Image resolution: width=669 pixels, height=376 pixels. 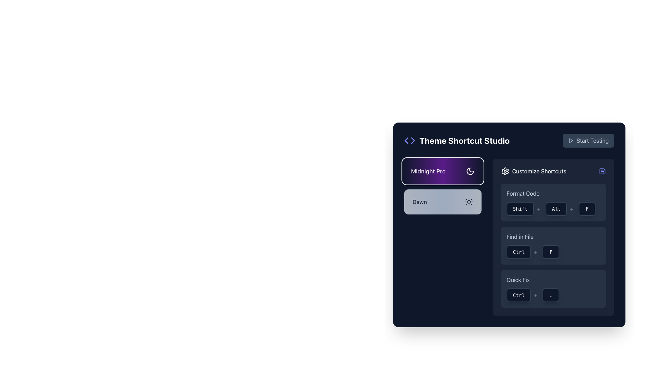 I want to click on the 'Shift' key button in the 'Customize Shortcuts' section under the 'Format Code' category, which visually represents the keyboard key 'Shift' as part of the shortcut display, so click(x=525, y=209).